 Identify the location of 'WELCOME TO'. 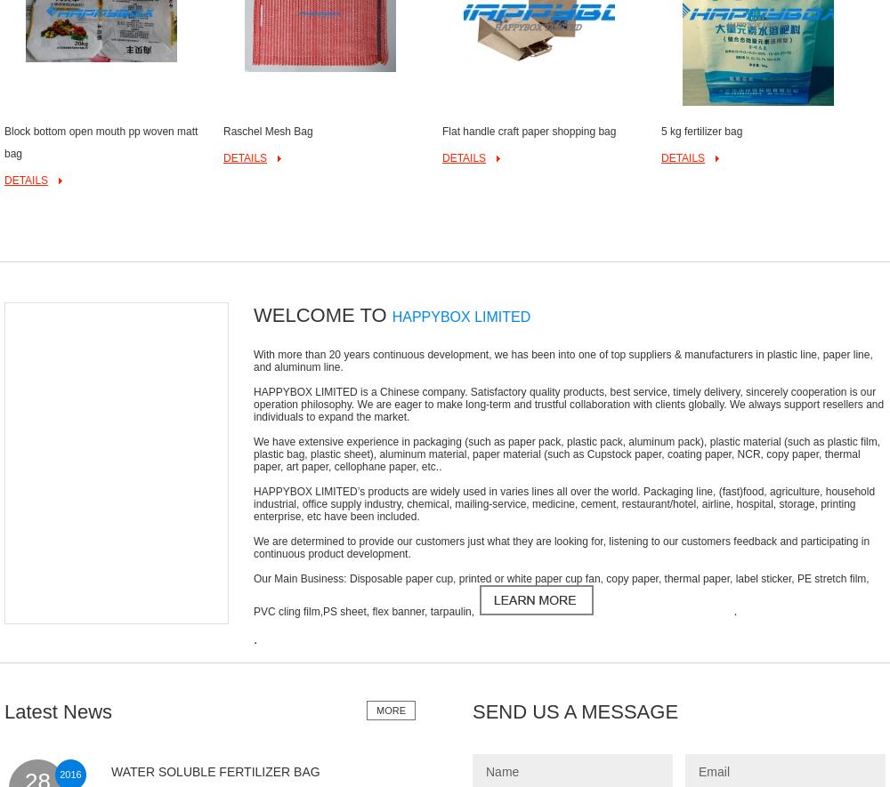
(321, 315).